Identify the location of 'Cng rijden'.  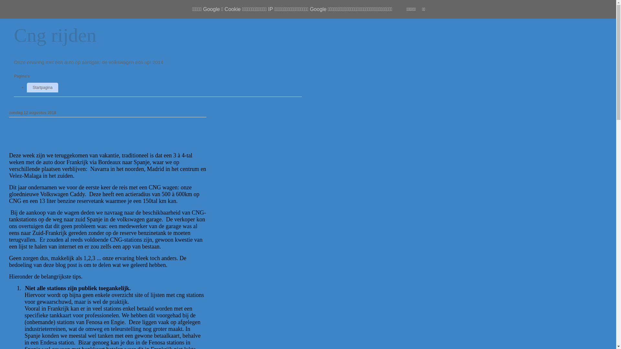
(55, 35).